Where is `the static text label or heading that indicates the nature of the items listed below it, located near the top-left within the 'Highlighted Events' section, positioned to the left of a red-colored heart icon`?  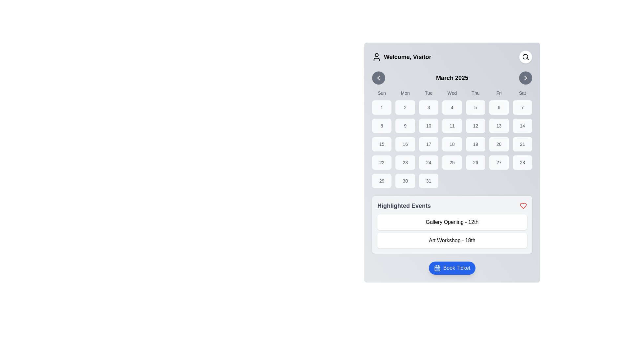 the static text label or heading that indicates the nature of the items listed below it, located near the top-left within the 'Highlighted Events' section, positioned to the left of a red-colored heart icon is located at coordinates (404, 206).